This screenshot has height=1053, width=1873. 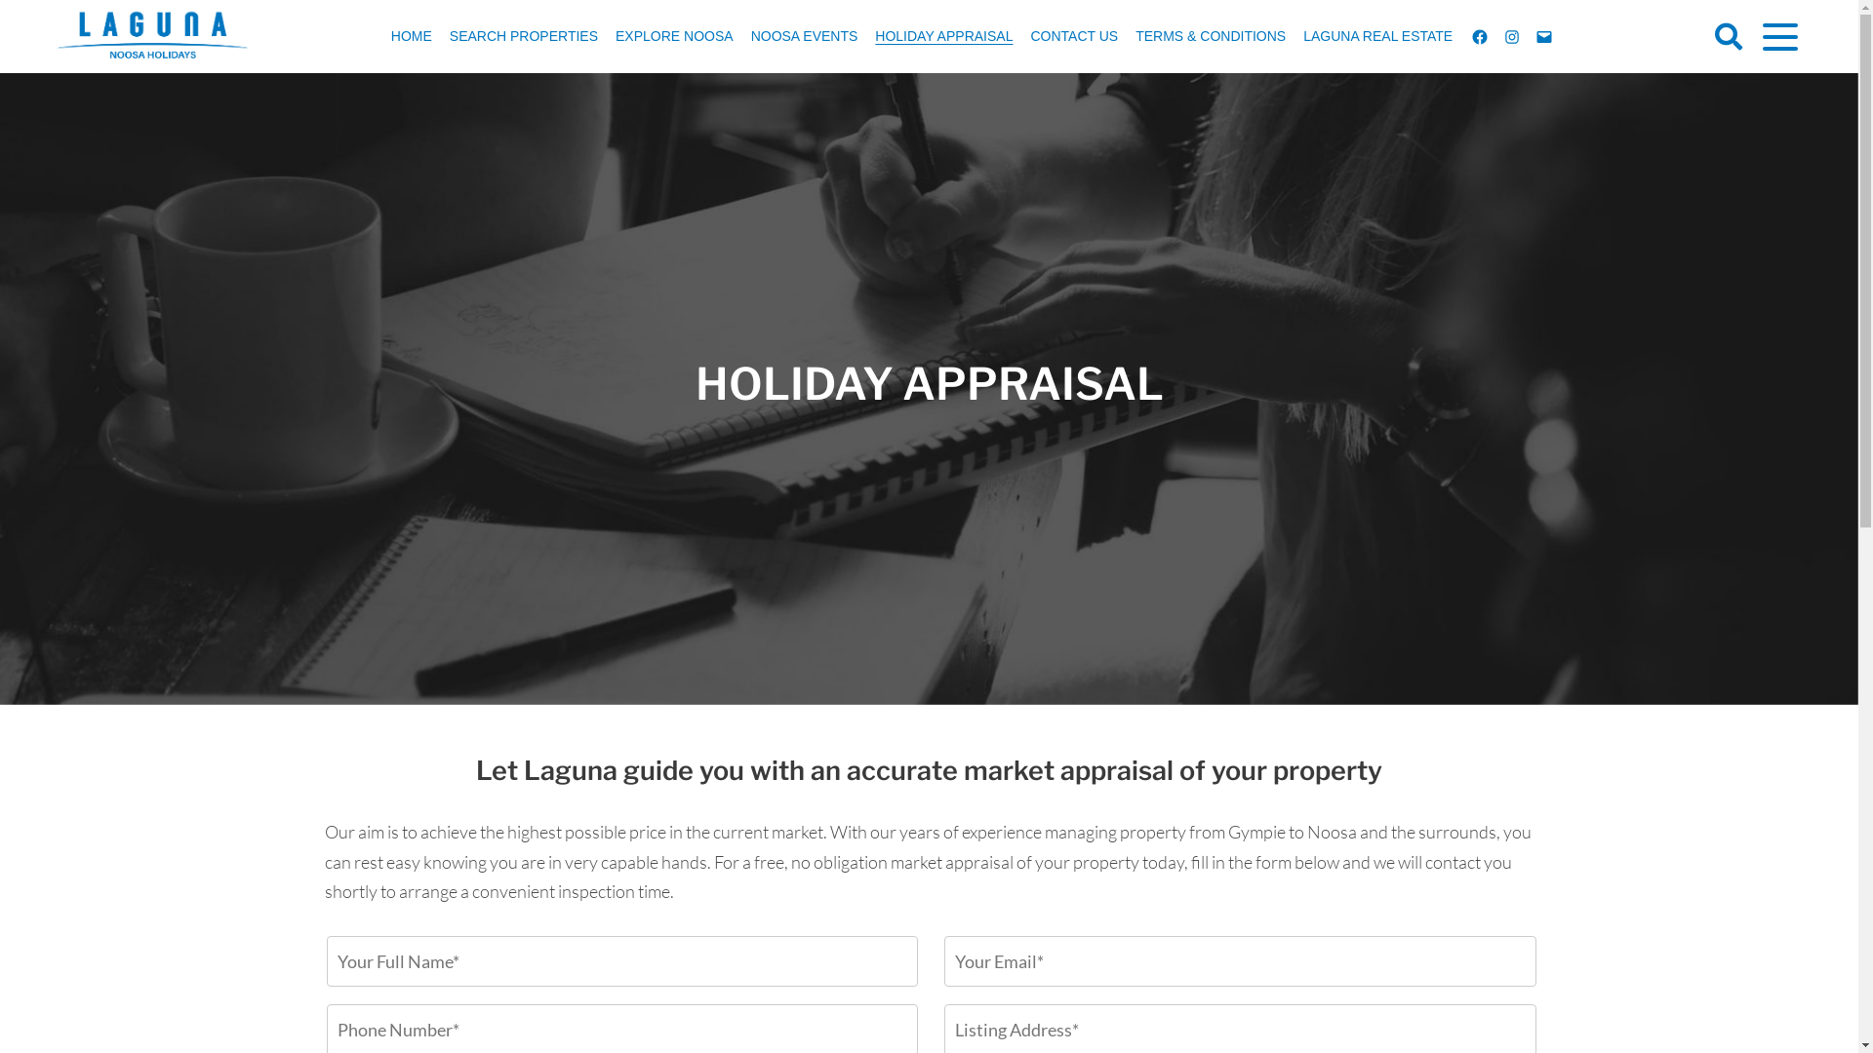 What do you see at coordinates (1210, 36) in the screenshot?
I see `'TERMS & CONDITIONS'` at bounding box center [1210, 36].